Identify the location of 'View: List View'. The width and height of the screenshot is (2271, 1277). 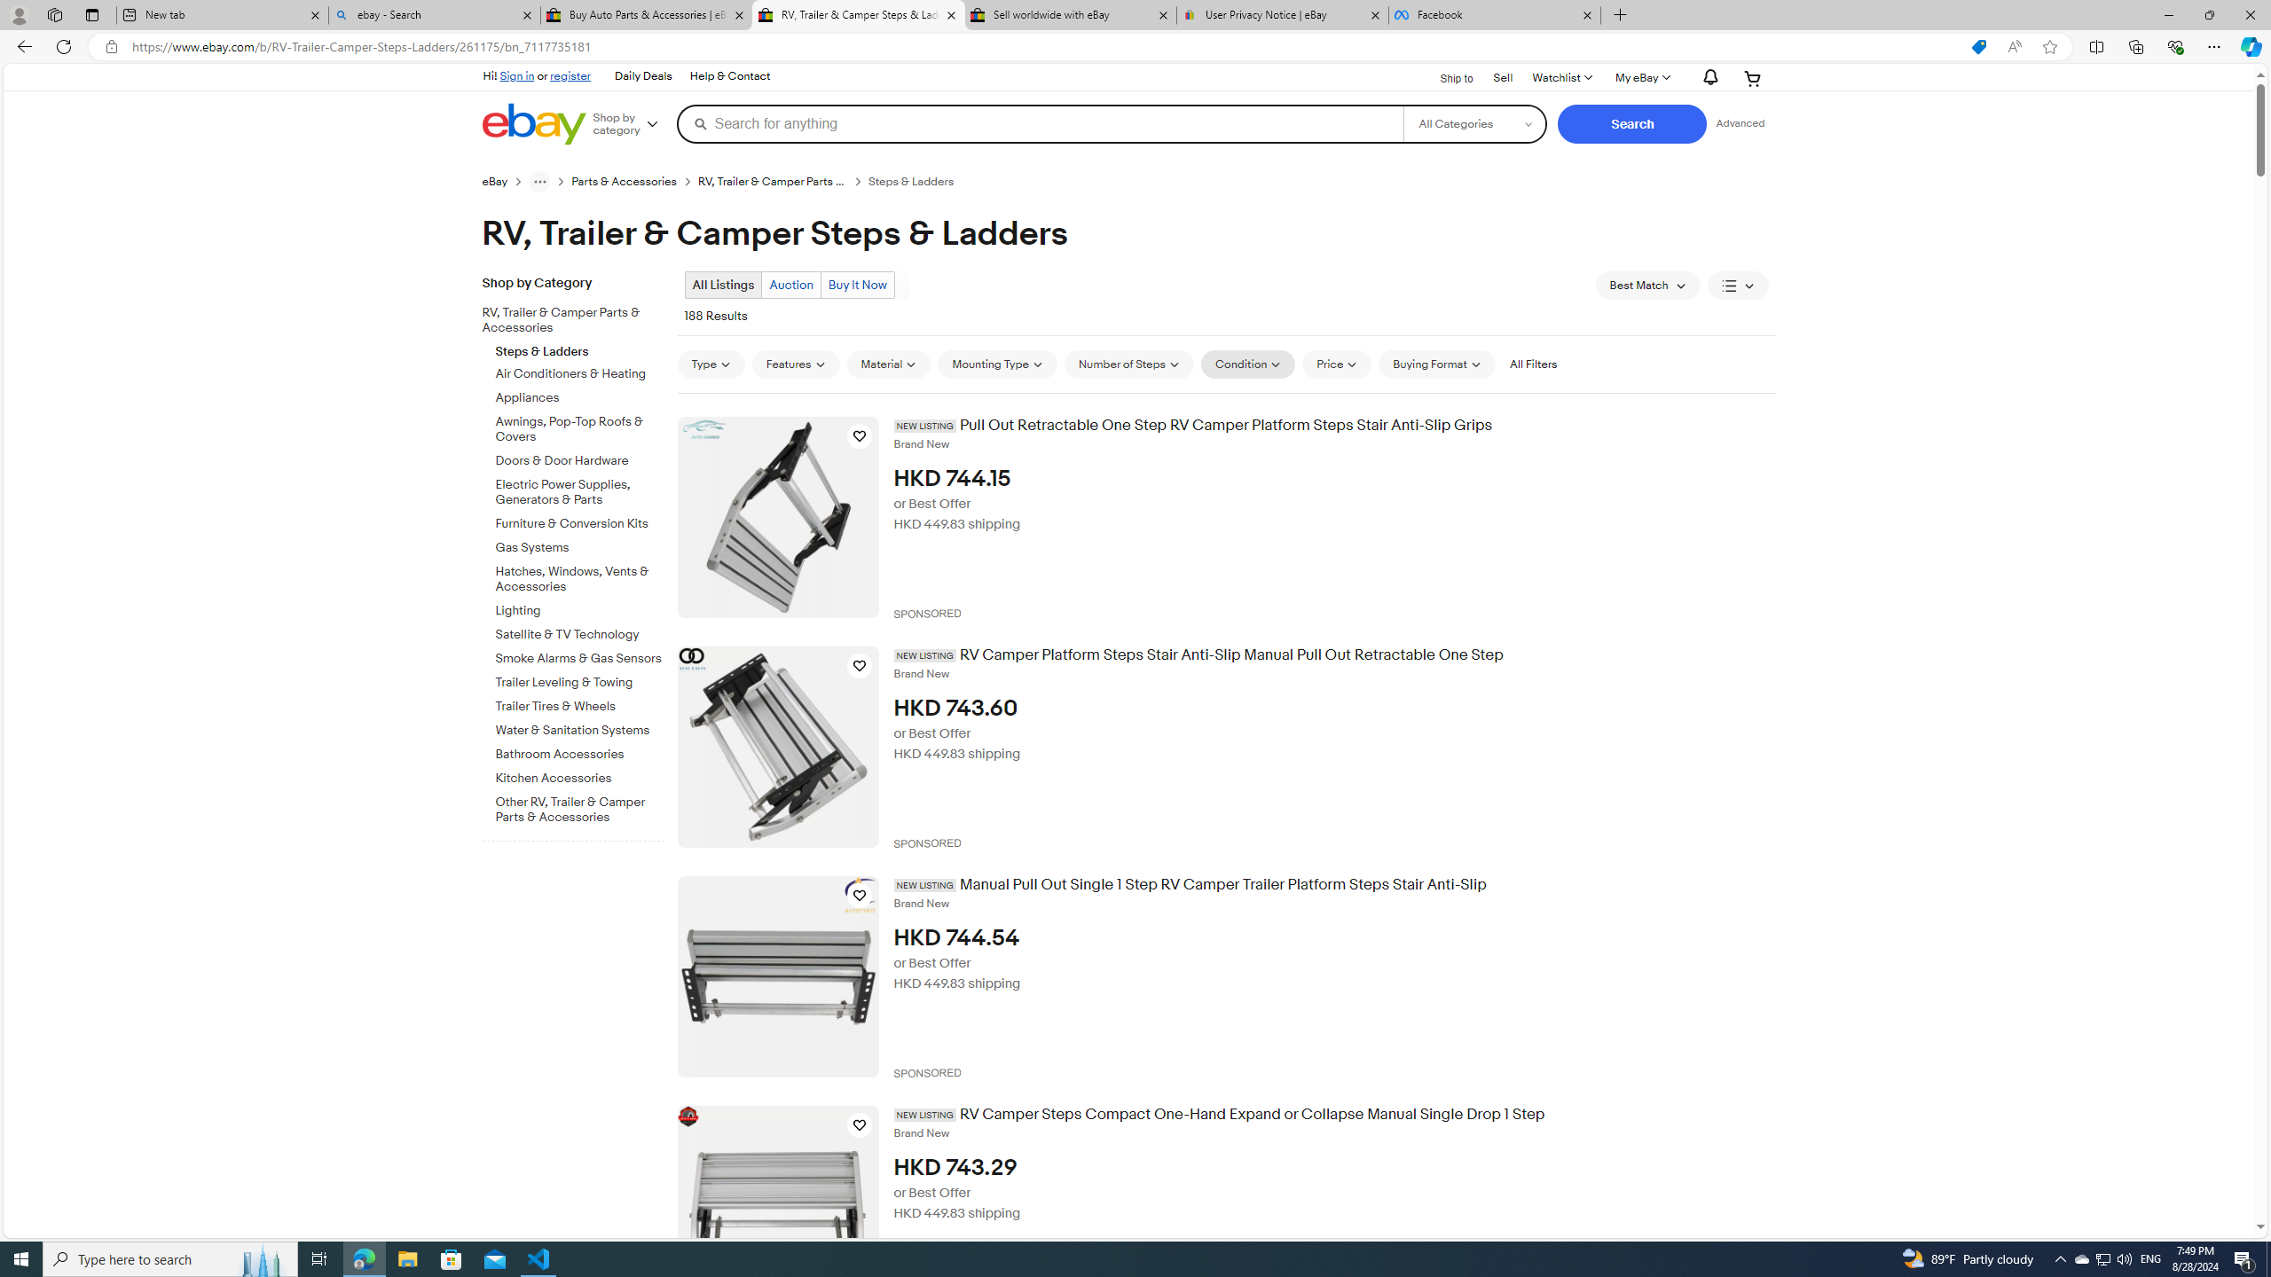
(1737, 285).